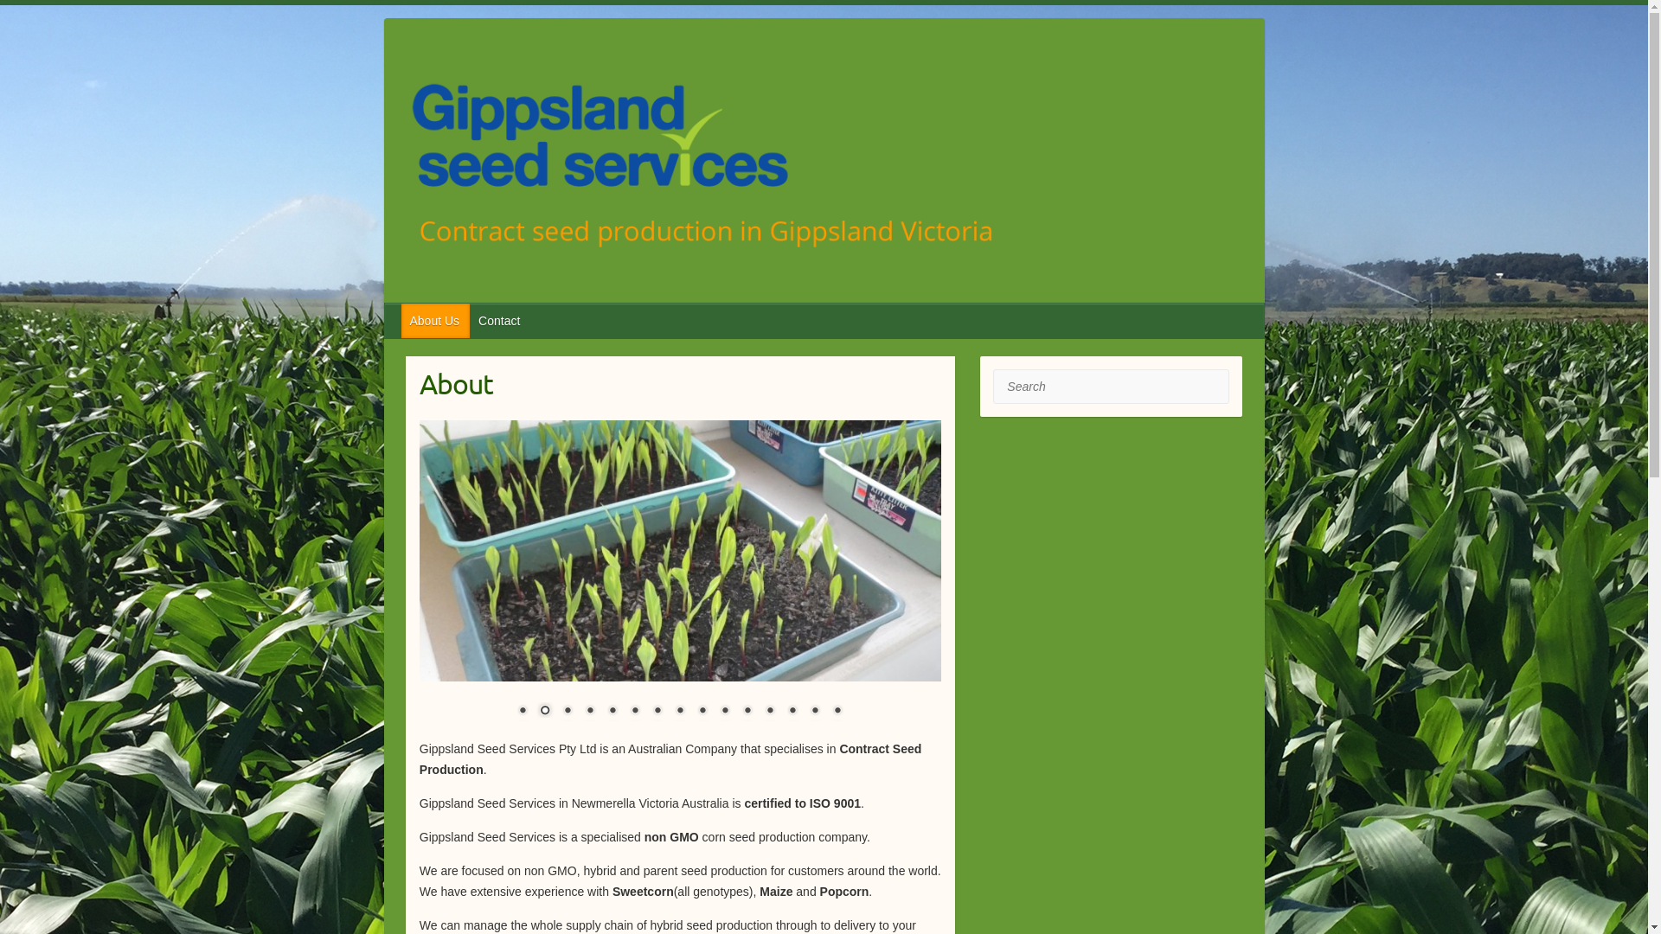  I want to click on '15', so click(837, 711).